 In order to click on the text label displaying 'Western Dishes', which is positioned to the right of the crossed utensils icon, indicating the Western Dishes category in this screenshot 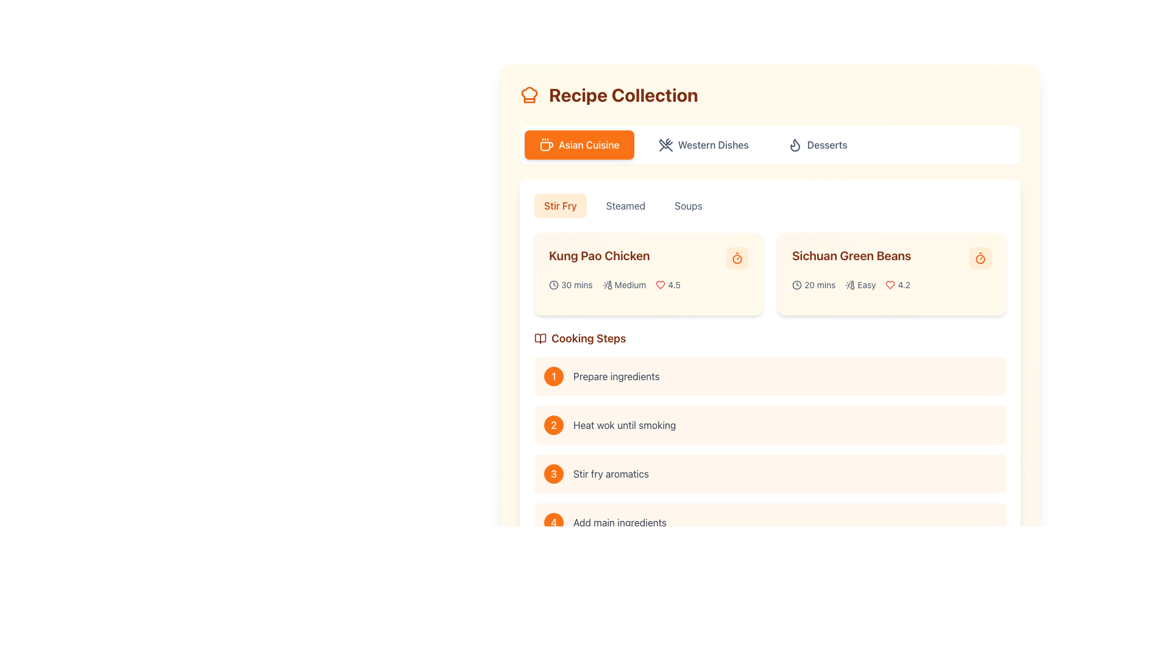, I will do `click(713, 144)`.